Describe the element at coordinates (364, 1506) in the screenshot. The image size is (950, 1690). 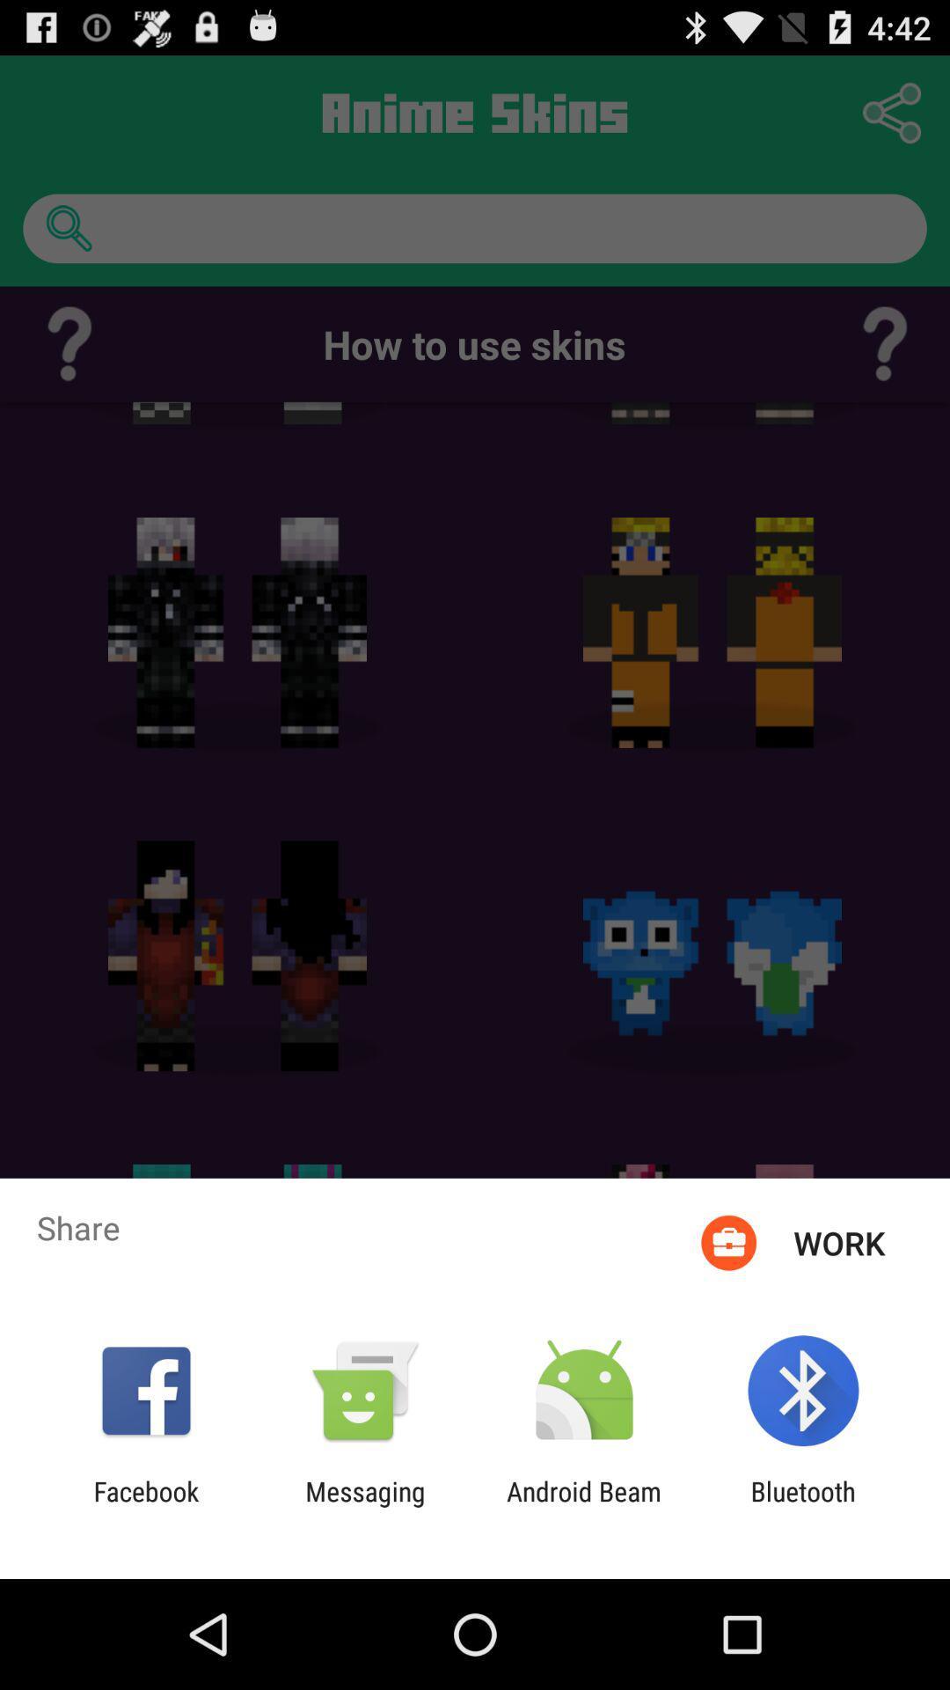
I see `the icon to the left of the android beam app` at that location.